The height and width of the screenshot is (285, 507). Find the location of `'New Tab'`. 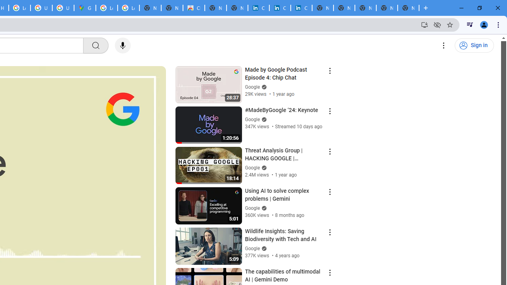

'New Tab' is located at coordinates (408, 8).